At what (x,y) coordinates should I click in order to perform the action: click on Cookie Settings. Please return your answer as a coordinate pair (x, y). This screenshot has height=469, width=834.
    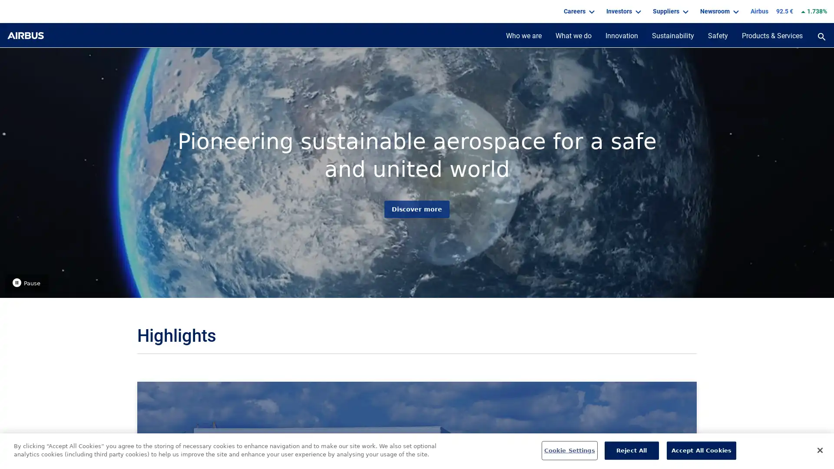
    Looking at the image, I should click on (569, 450).